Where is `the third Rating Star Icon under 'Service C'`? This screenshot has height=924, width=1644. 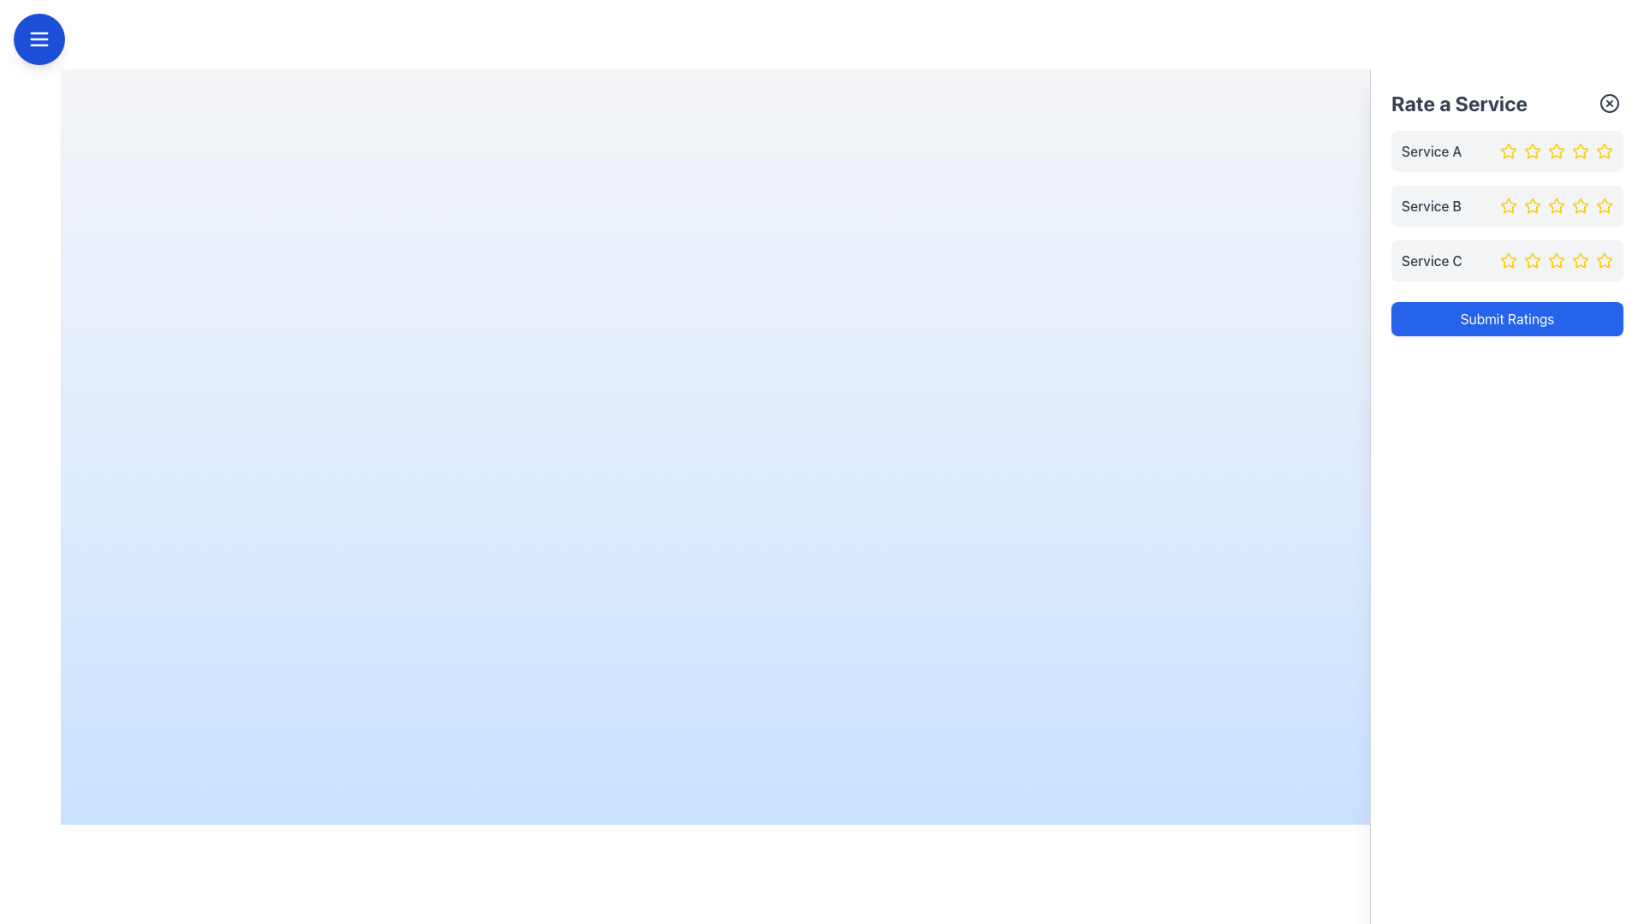 the third Rating Star Icon under 'Service C' is located at coordinates (1533, 260).